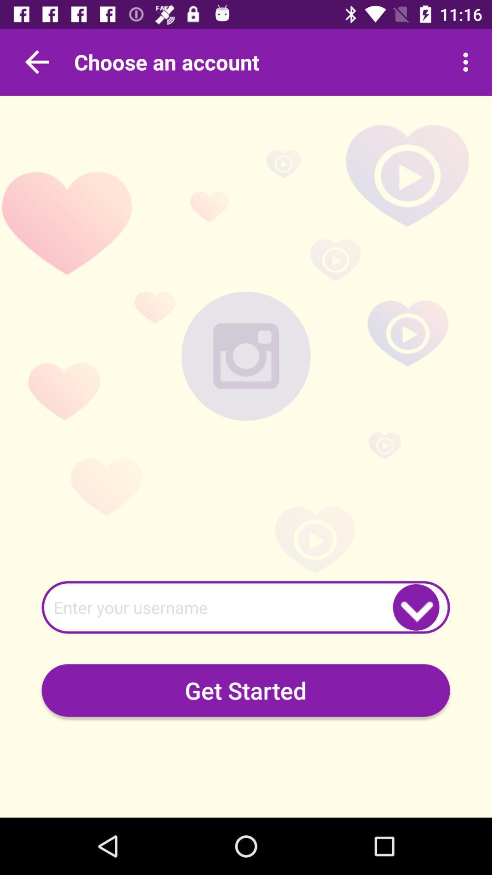 The height and width of the screenshot is (875, 492). I want to click on previous tab, so click(36, 62).